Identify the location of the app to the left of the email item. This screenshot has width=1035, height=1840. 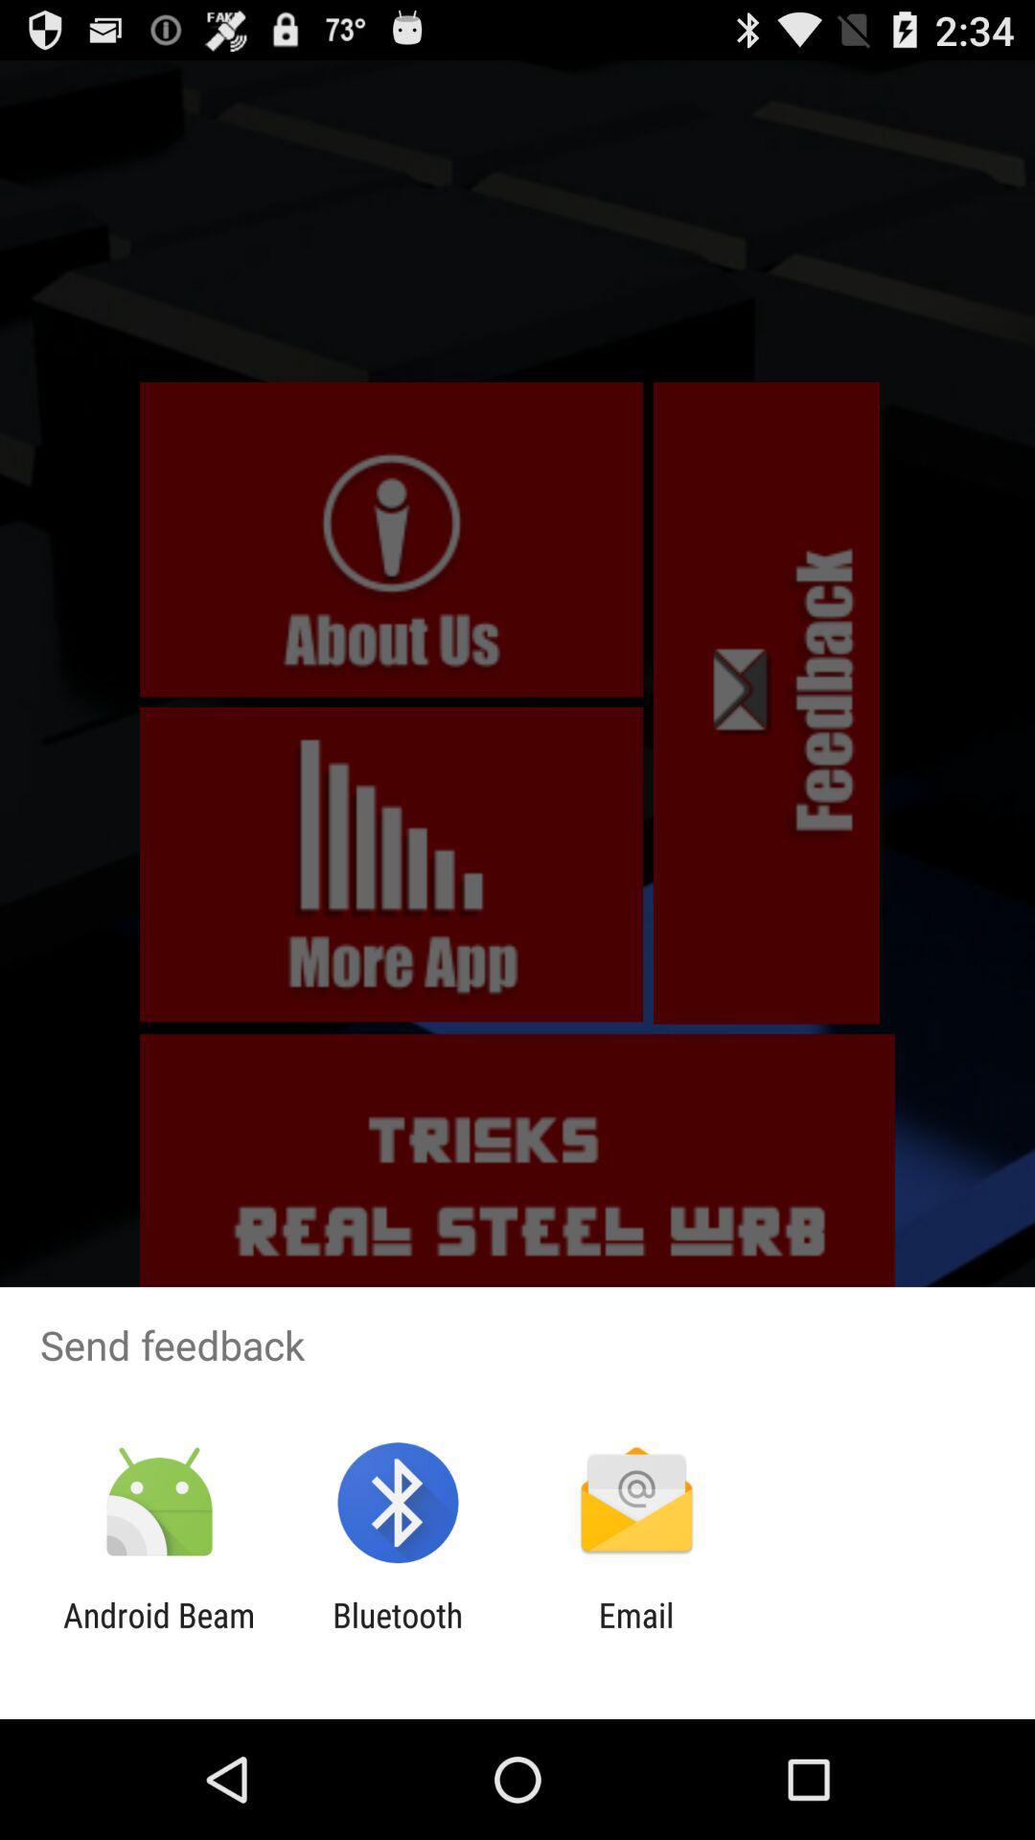
(397, 1634).